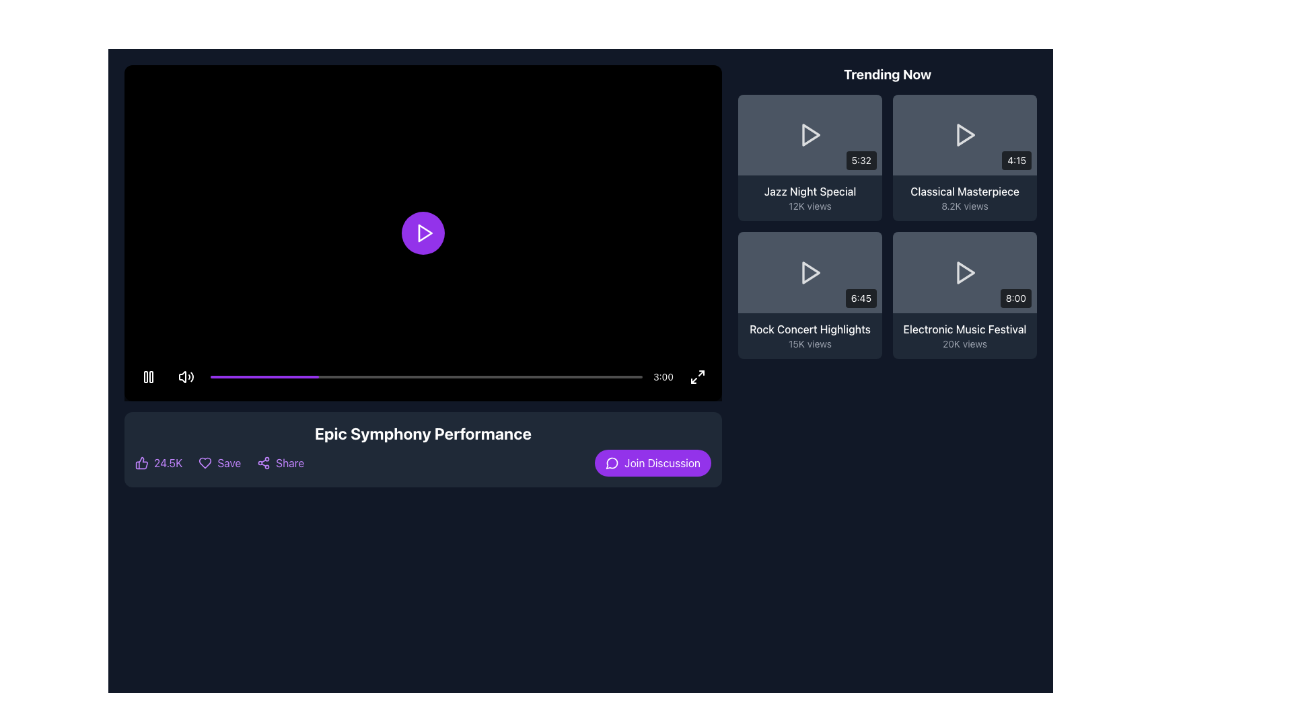  I want to click on the 'Save' text label, which is styled in purple and located below the video playback area, positioned between a heart icon and a share icon, so click(229, 462).